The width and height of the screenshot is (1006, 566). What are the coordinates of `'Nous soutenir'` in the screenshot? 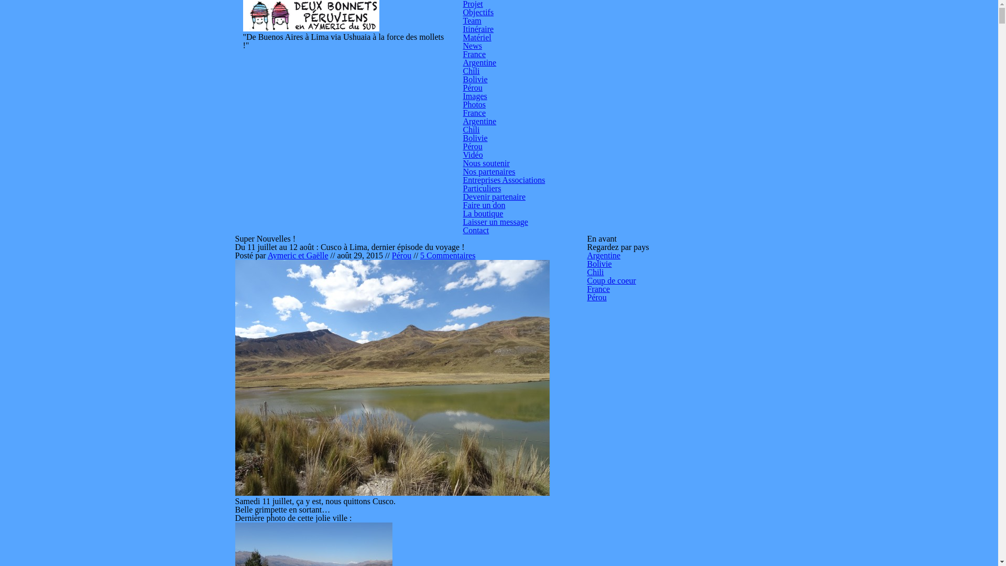 It's located at (486, 163).